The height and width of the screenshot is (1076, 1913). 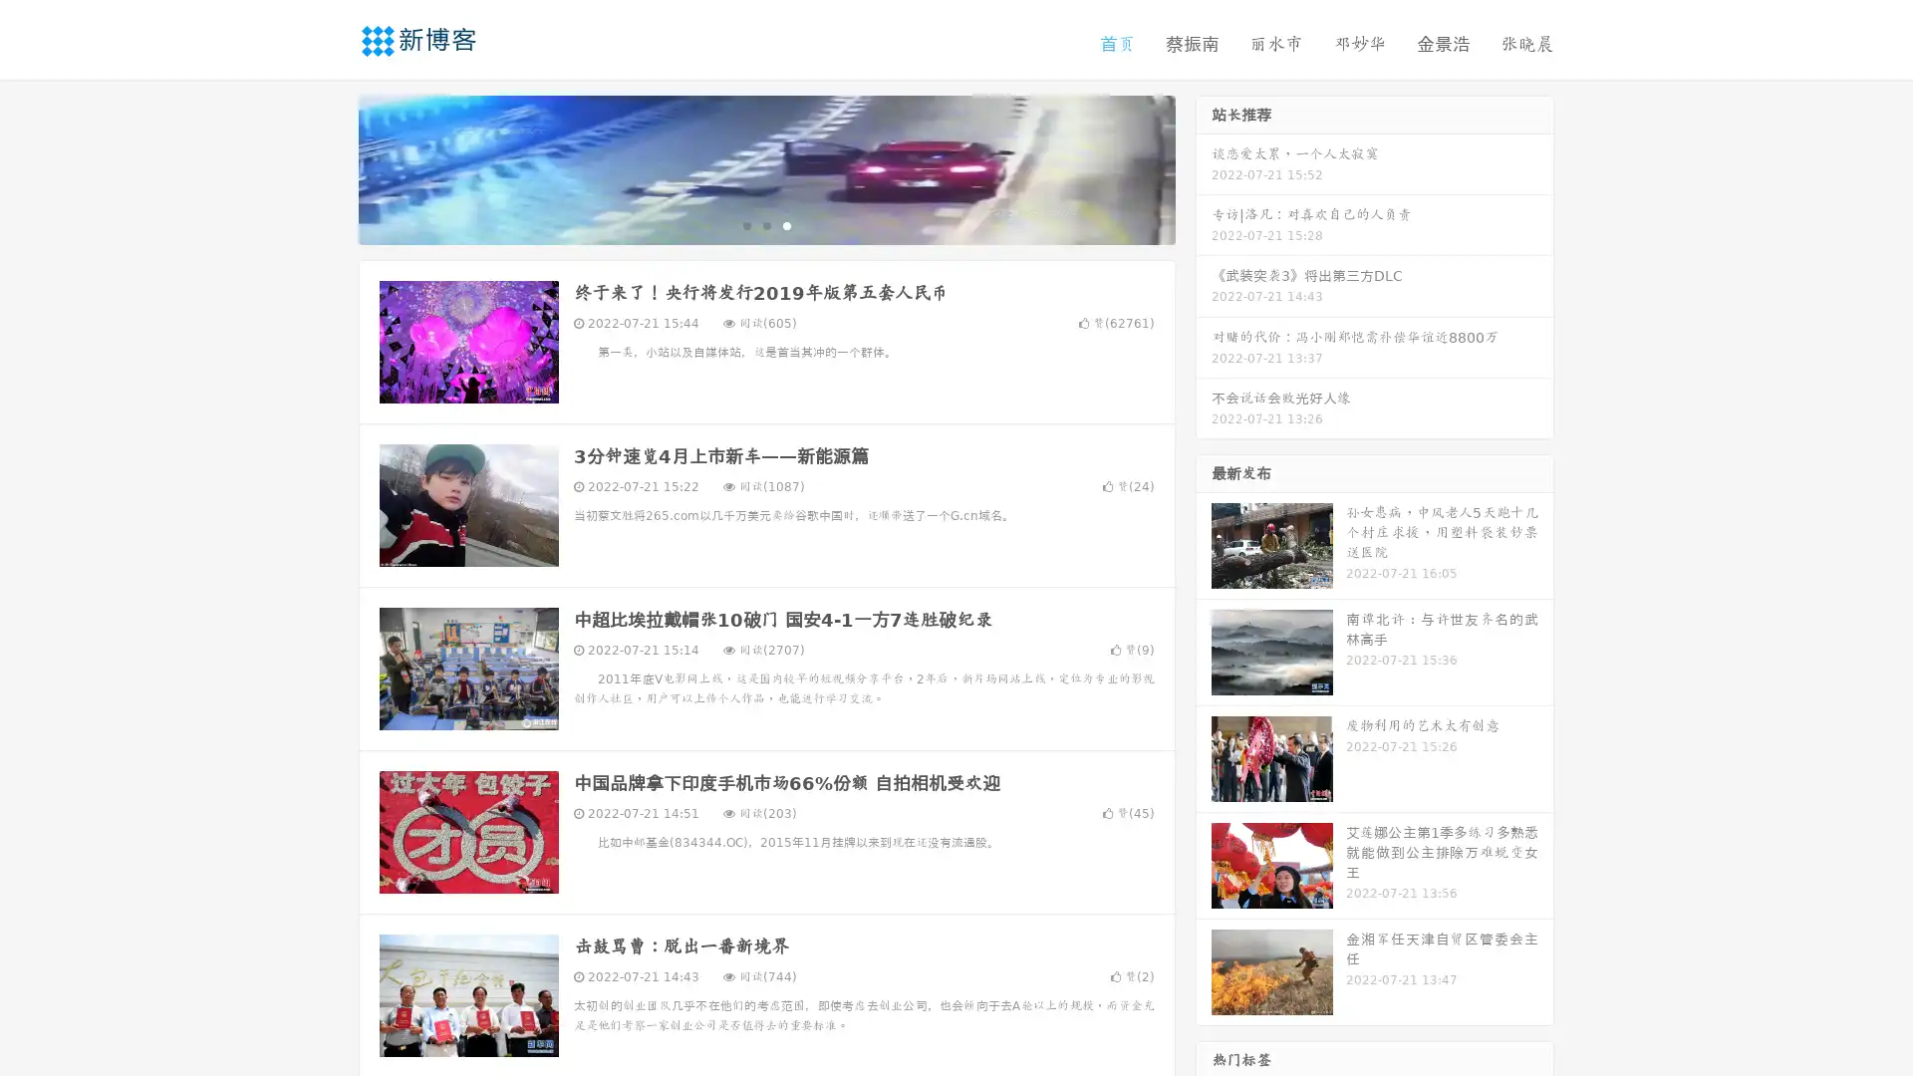 I want to click on Previous slide, so click(x=329, y=167).